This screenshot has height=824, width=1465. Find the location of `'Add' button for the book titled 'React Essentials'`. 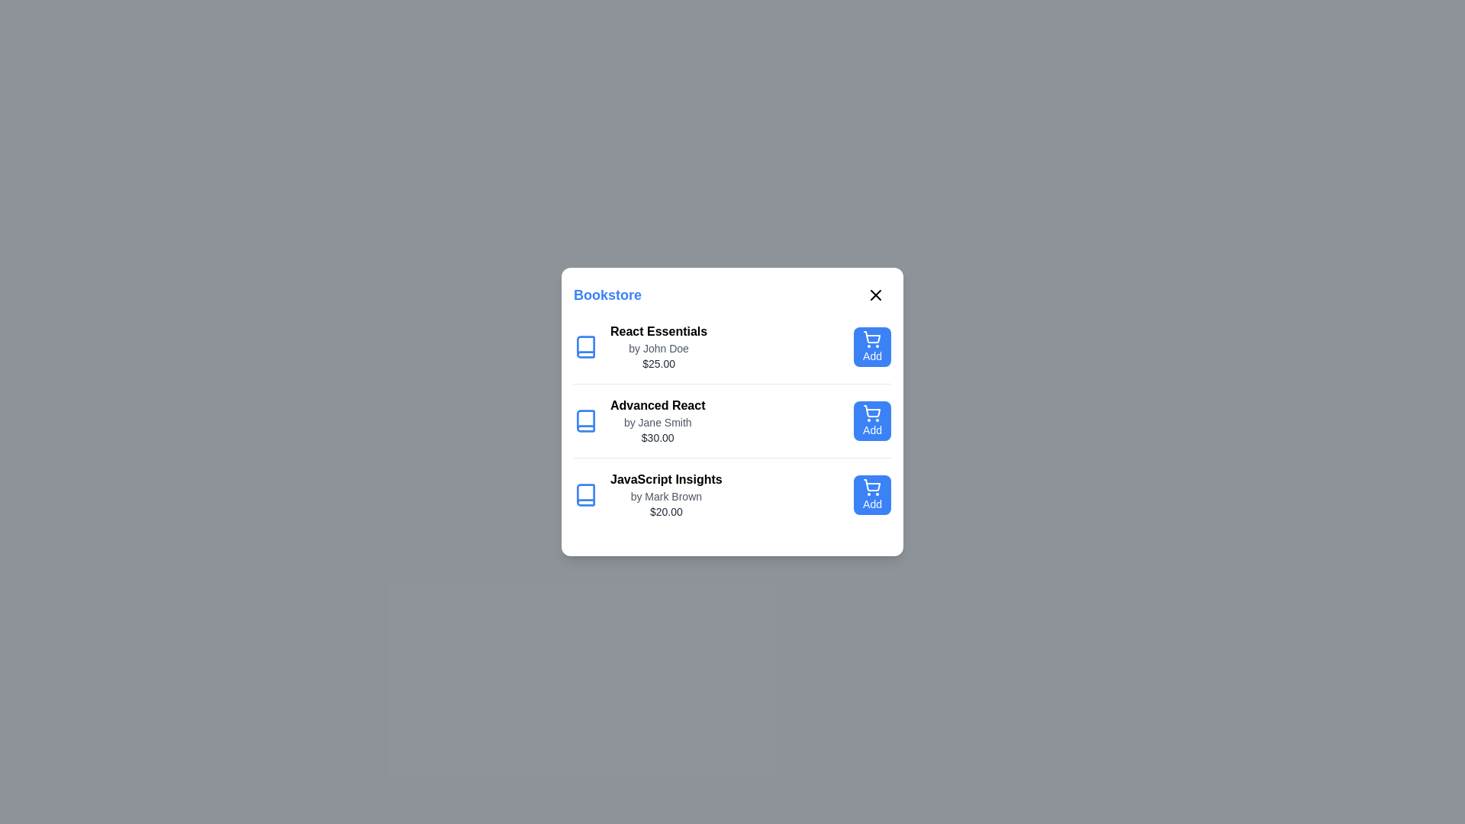

'Add' button for the book titled 'React Essentials' is located at coordinates (872, 347).